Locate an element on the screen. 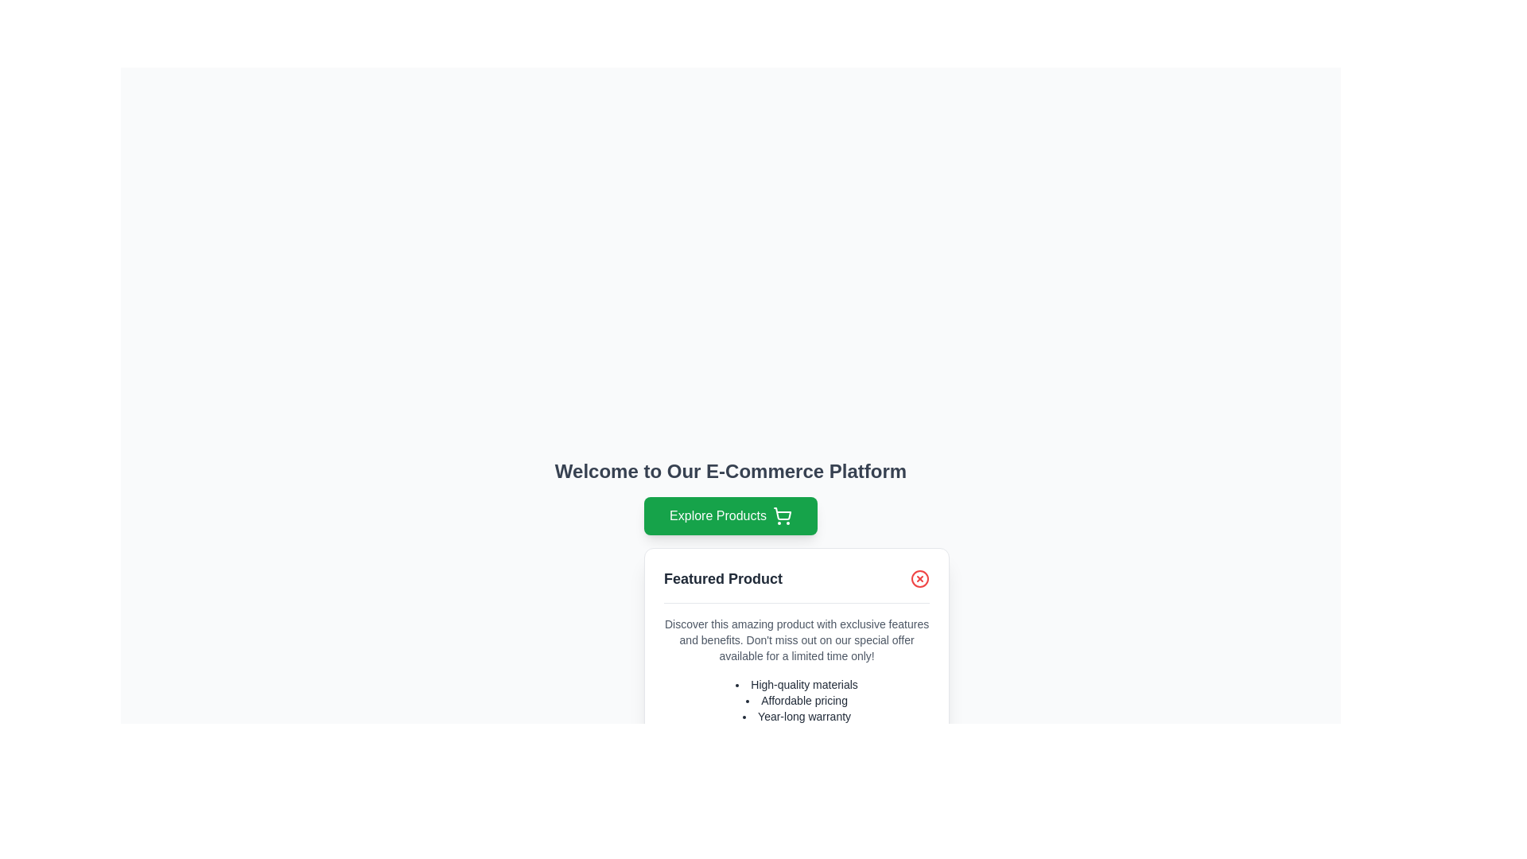  the green button labeled 'Explore Products' is located at coordinates (729, 515).